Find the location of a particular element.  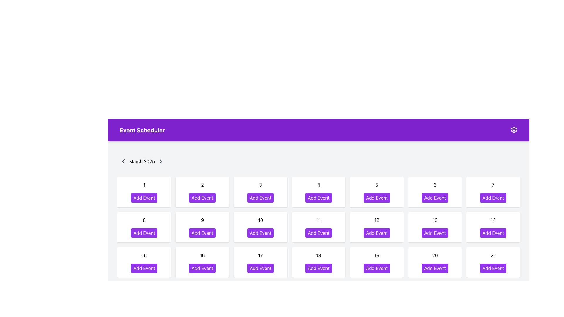

the button located at the top-right corner of the calendar date labeled '7' under the header 'Event Scheduler' to initiate the event creation process is located at coordinates (493, 198).